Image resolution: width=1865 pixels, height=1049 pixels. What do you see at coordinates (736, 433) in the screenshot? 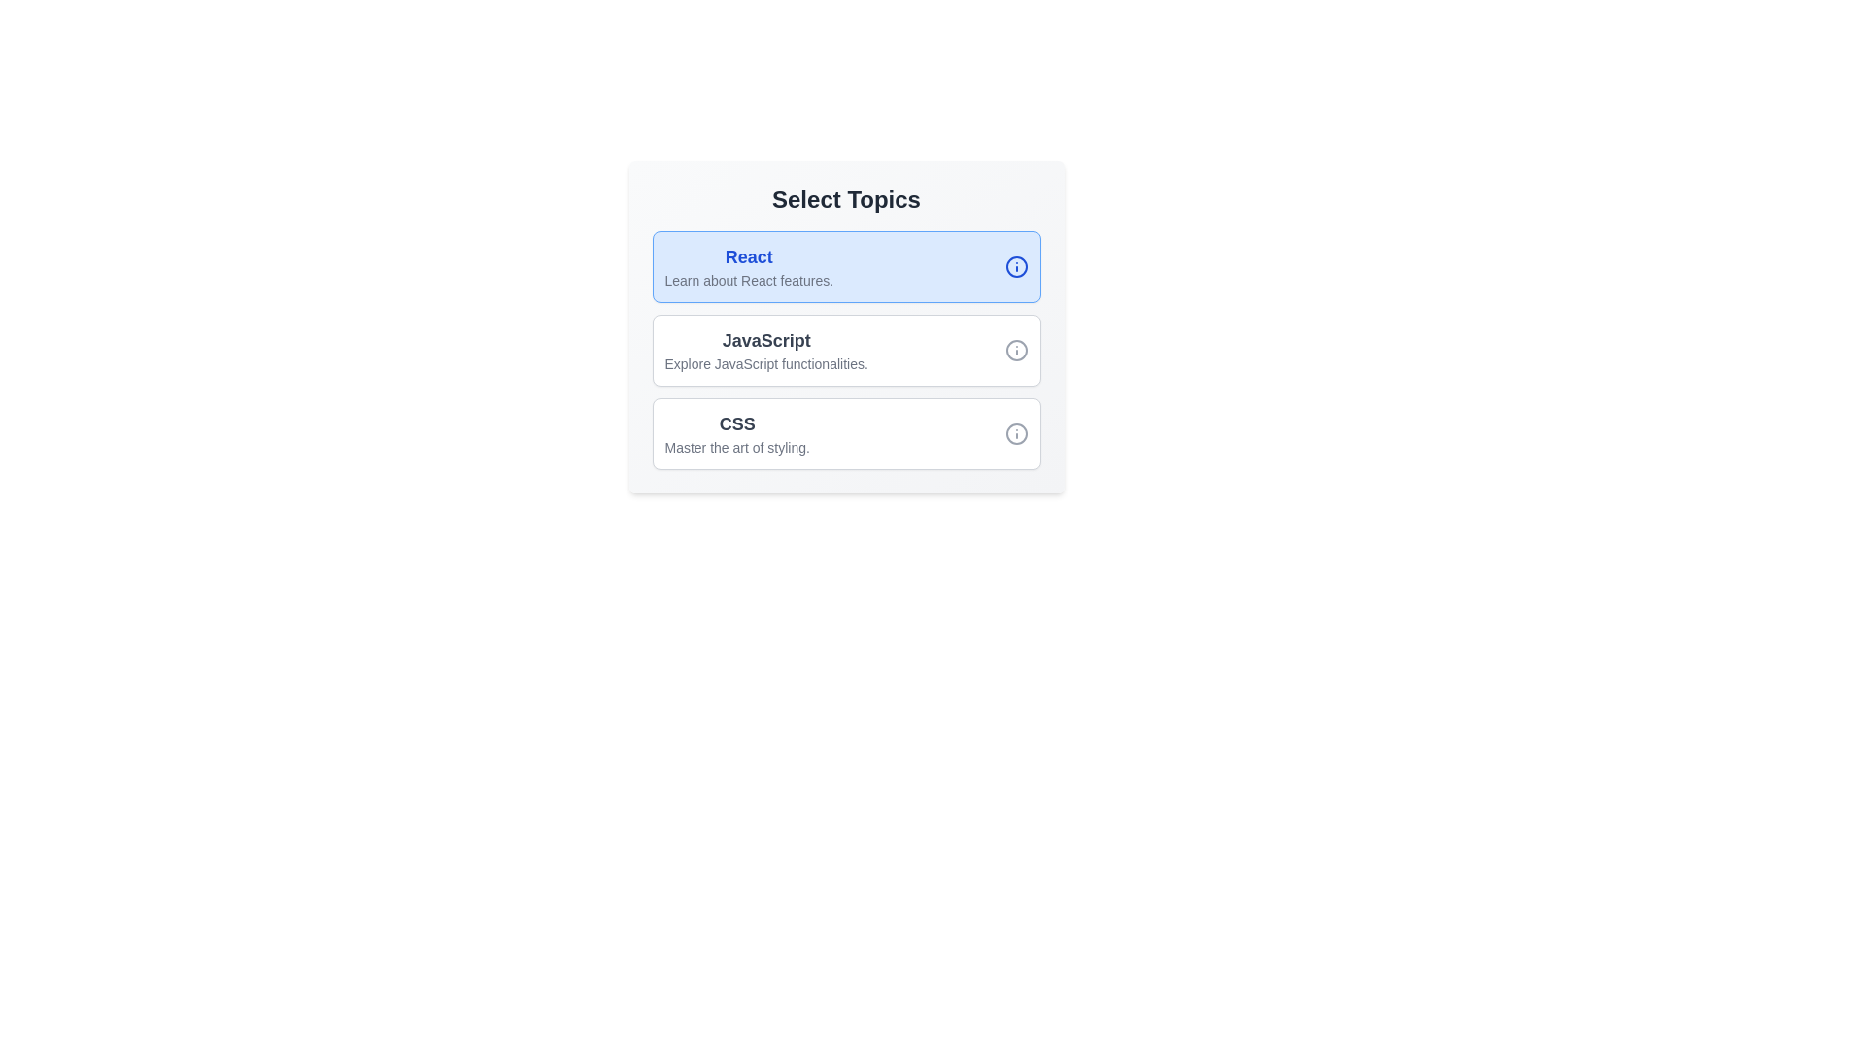
I see `the topic CSS to observe styling changes` at bounding box center [736, 433].